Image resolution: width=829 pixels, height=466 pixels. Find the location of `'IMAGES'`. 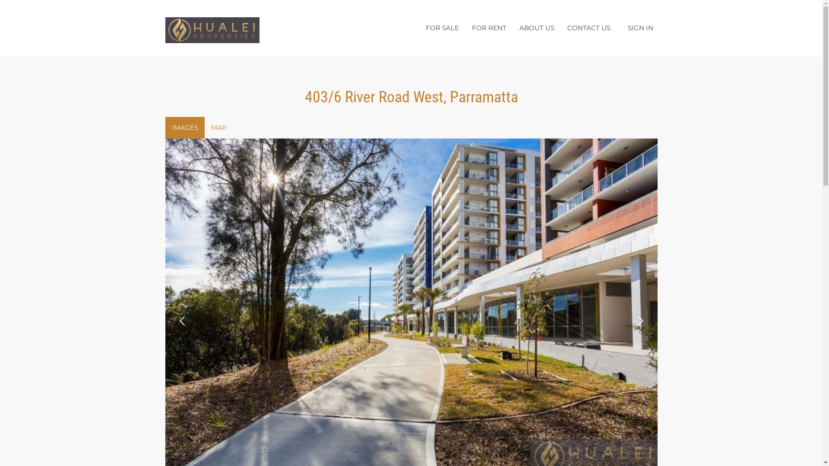

'IMAGES' is located at coordinates (184, 128).